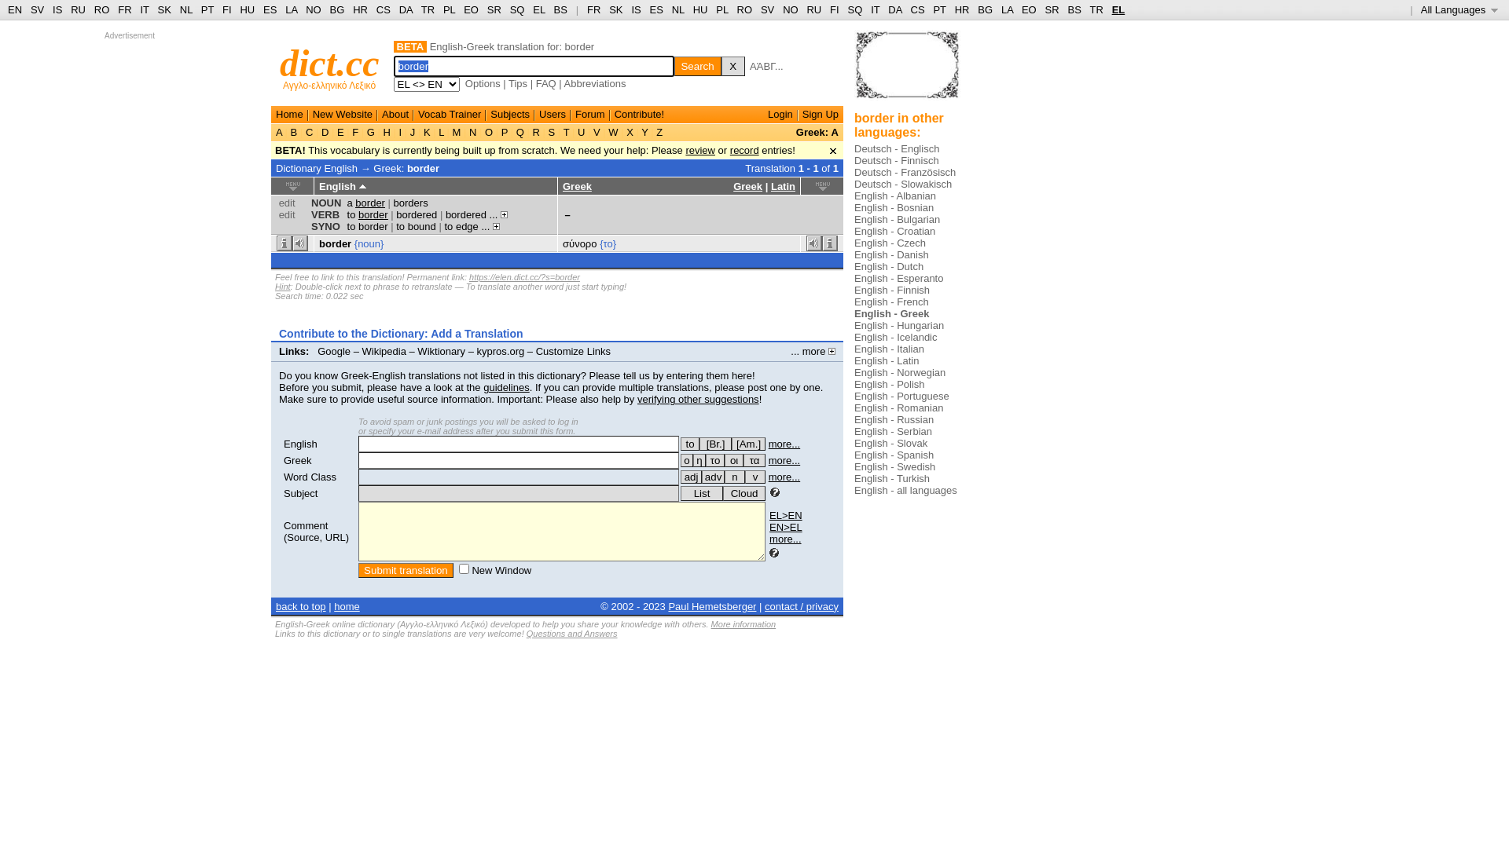 The width and height of the screenshot is (1509, 848). What do you see at coordinates (897, 148) in the screenshot?
I see `'Deutsch - Englisch'` at bounding box center [897, 148].